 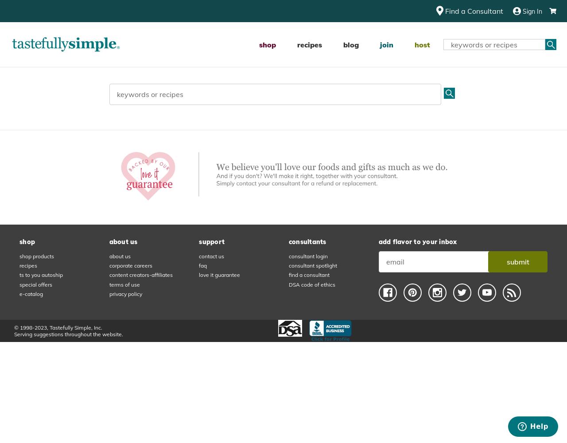 What do you see at coordinates (140, 274) in the screenshot?
I see `'content creators-affiliates'` at bounding box center [140, 274].